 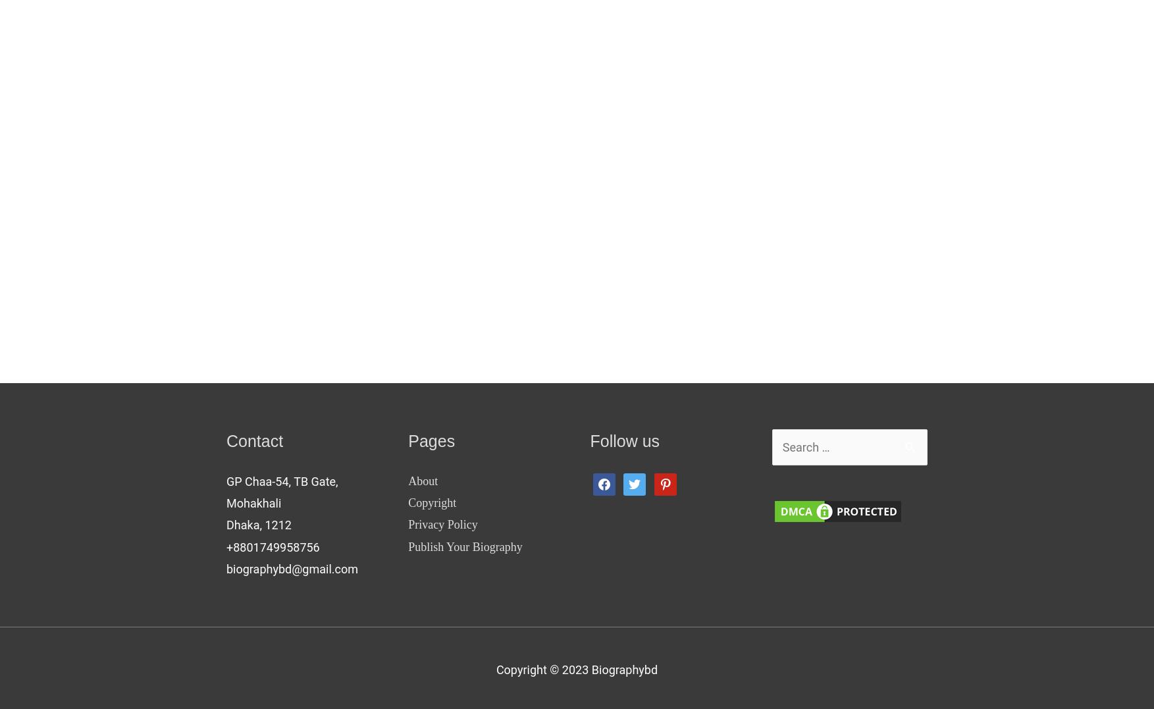 I want to click on 'biographybd@gmail.com', so click(x=292, y=568).